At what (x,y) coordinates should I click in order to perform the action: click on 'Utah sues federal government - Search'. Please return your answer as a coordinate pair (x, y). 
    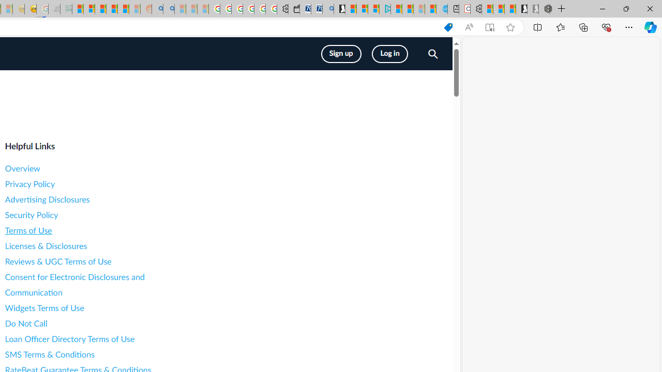
    Looking at the image, I should click on (169, 9).